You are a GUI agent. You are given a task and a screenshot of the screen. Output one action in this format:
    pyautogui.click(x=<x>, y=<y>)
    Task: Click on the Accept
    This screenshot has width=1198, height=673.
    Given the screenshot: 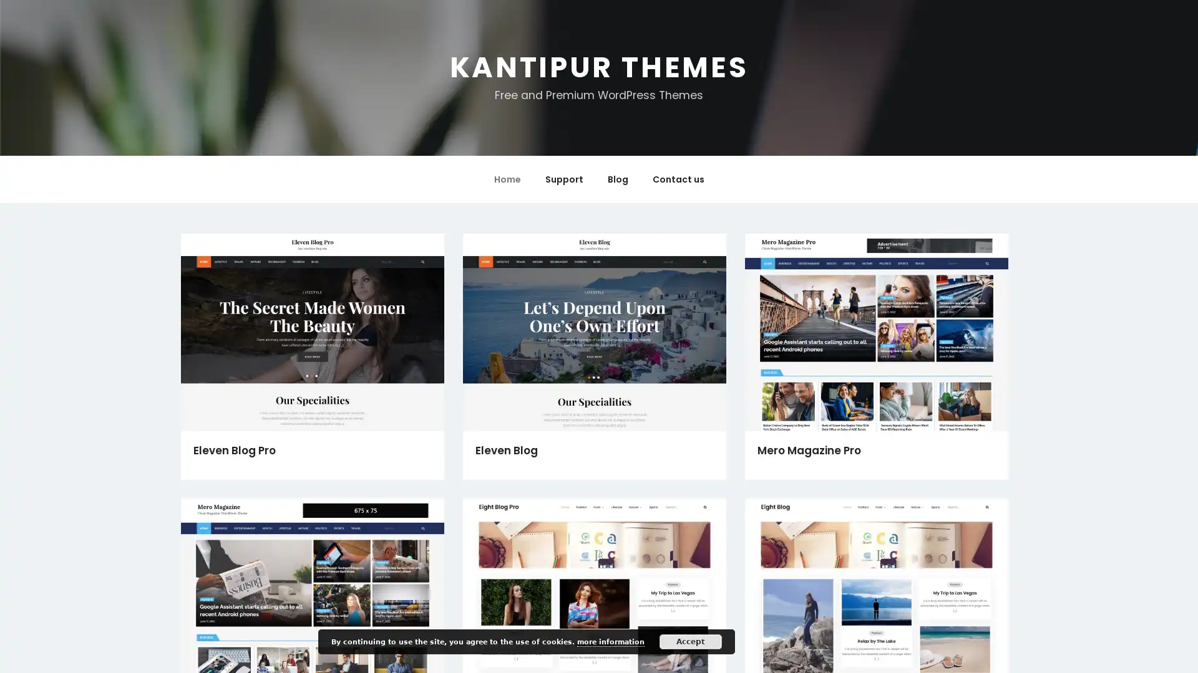 What is the action you would take?
    pyautogui.click(x=690, y=641)
    